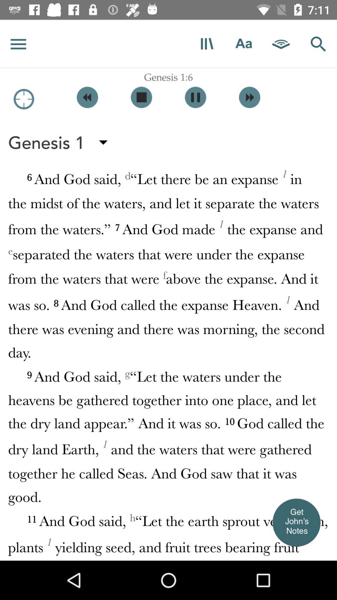 The image size is (337, 600). I want to click on pause, so click(195, 97).